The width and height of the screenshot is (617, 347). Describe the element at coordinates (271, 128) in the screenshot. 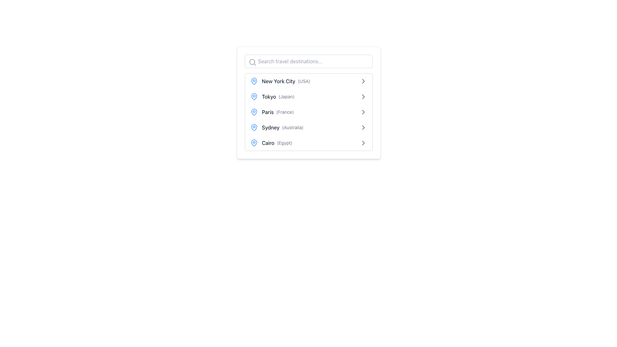

I see `text label 'Sydney' which is the third entry in the list of travel destinations, located between the blue map pin icon and '(Australia)'` at that location.